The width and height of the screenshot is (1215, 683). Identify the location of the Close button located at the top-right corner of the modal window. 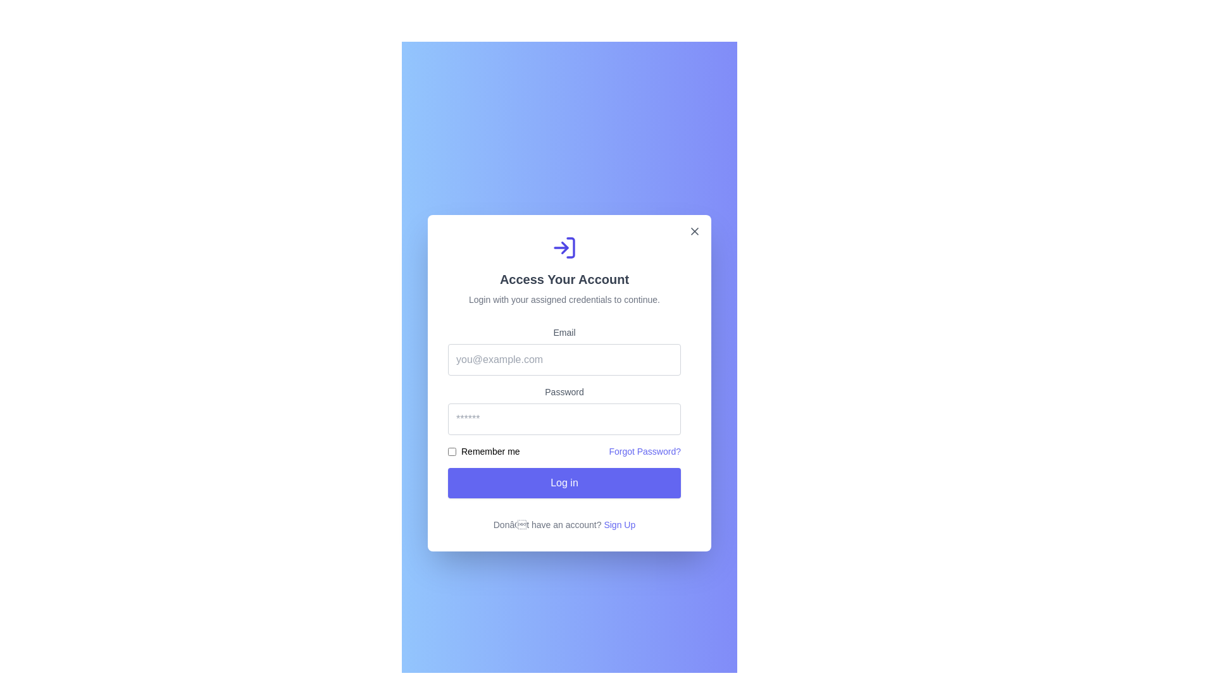
(694, 231).